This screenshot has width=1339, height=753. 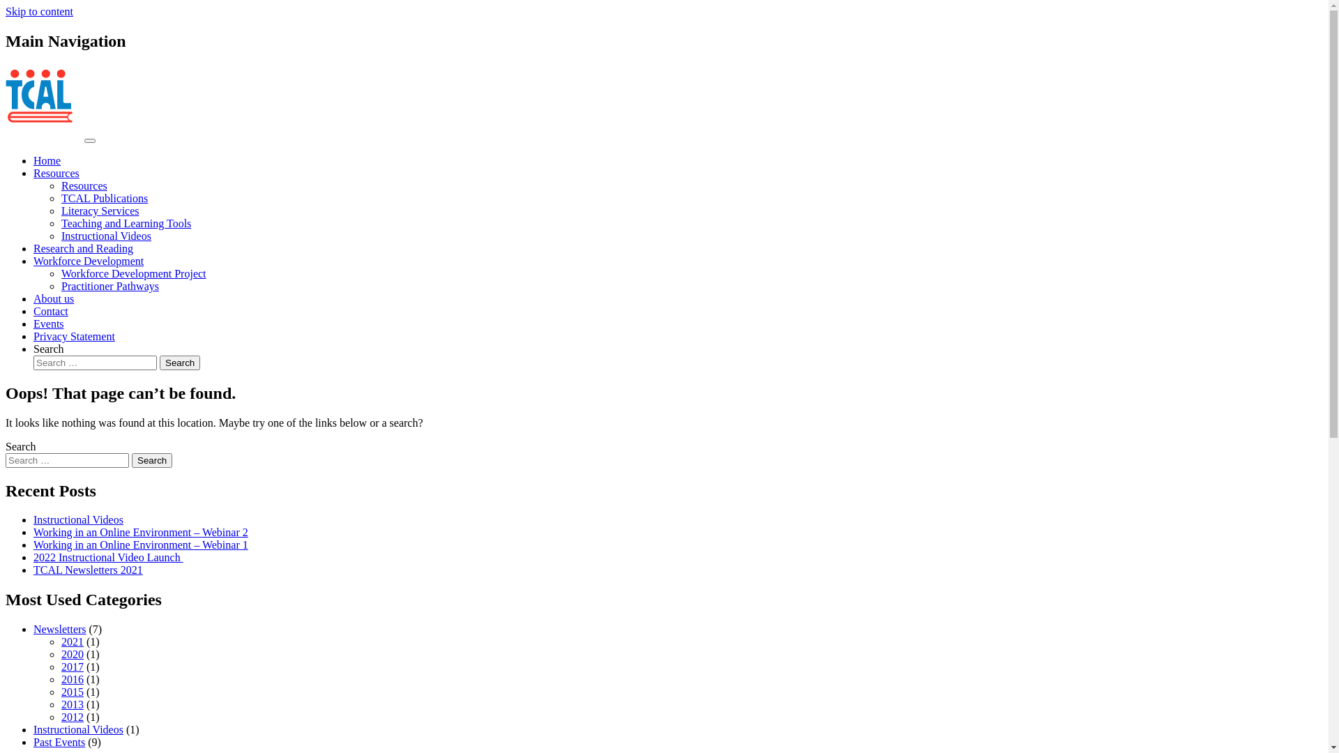 What do you see at coordinates (109, 285) in the screenshot?
I see `'Practitioner Pathways'` at bounding box center [109, 285].